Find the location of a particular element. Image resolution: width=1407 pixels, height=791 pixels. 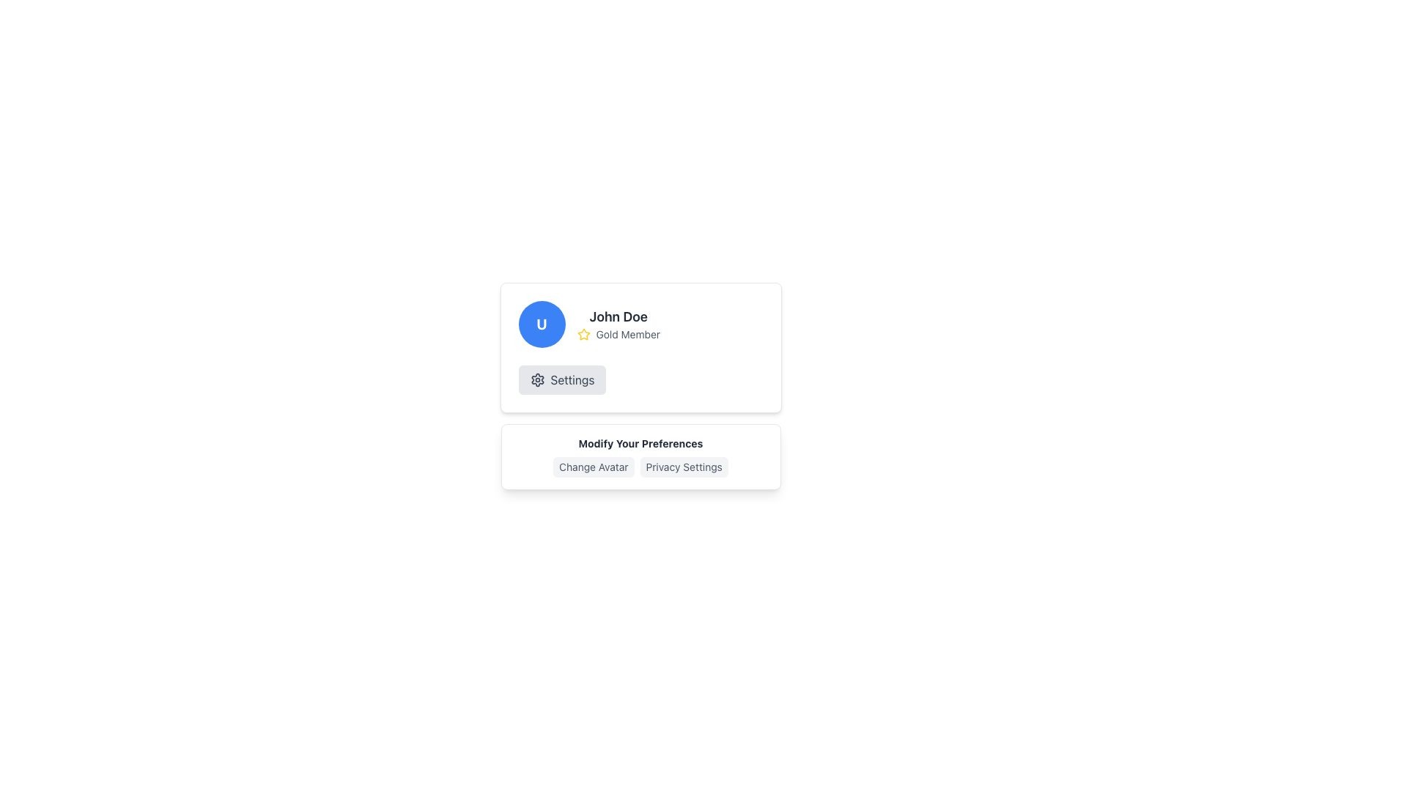

the 'John Doe' text label which displays the username in the user profile section is located at coordinates (618, 316).